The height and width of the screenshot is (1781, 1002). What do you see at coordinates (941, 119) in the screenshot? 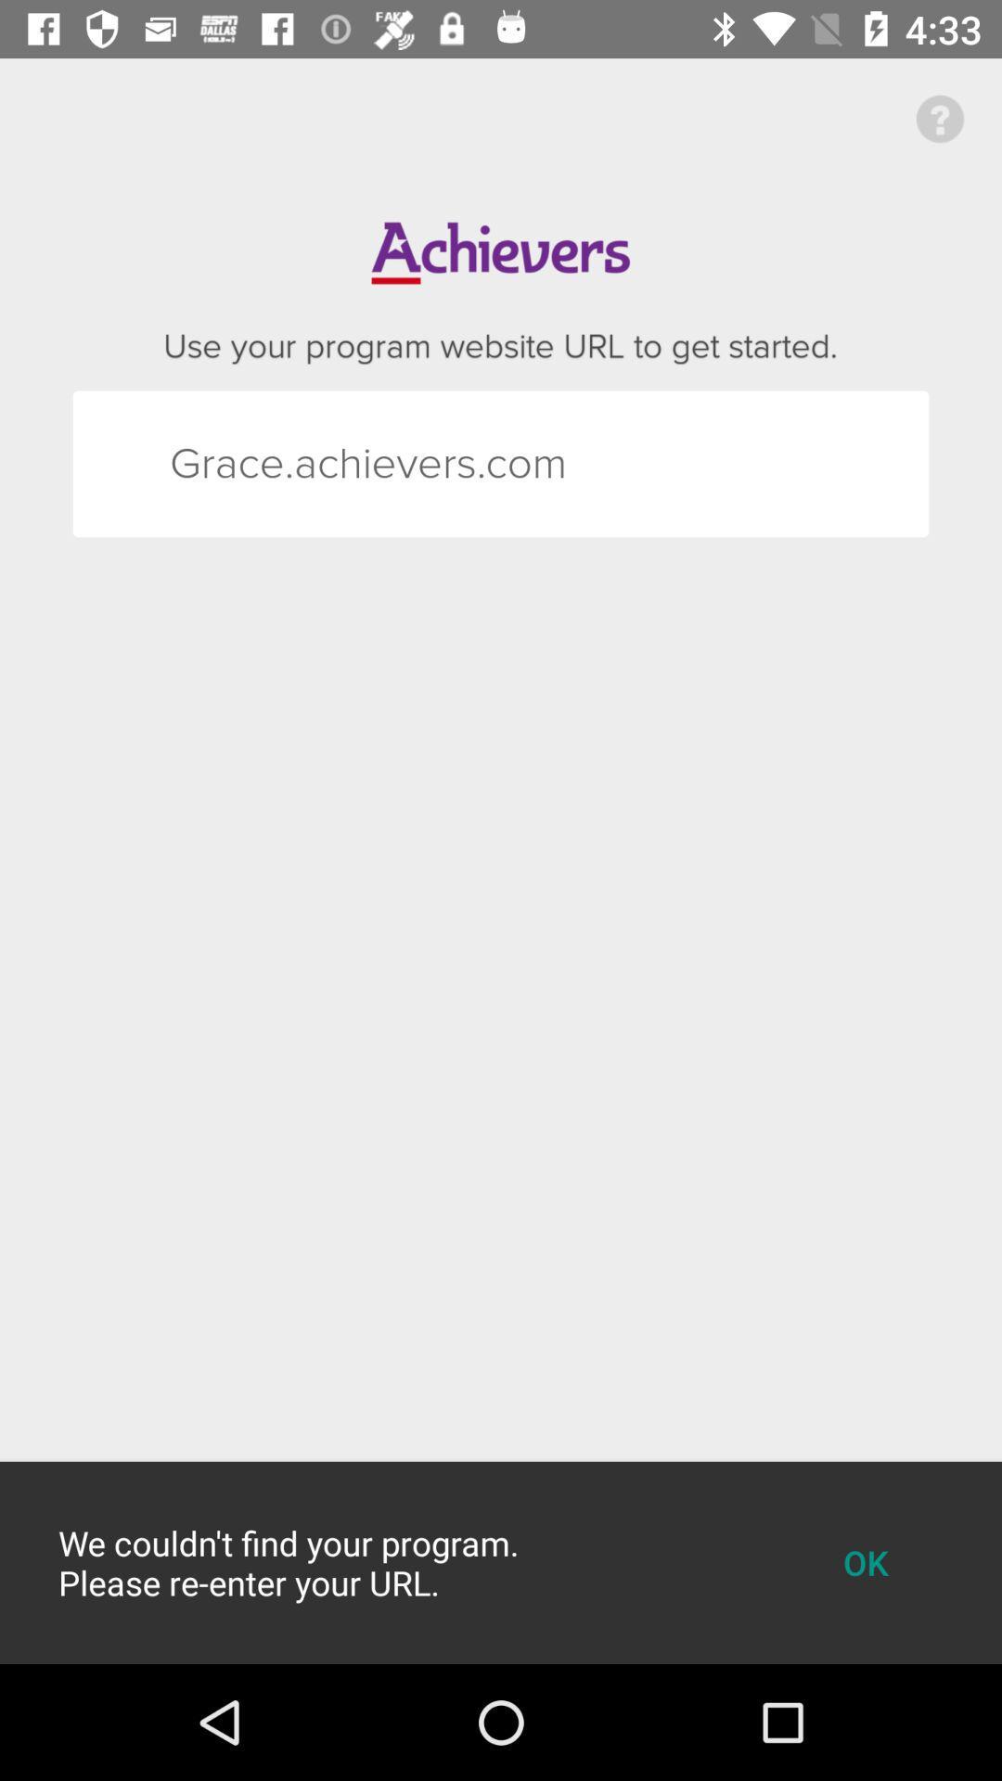
I see `the help icon` at bounding box center [941, 119].